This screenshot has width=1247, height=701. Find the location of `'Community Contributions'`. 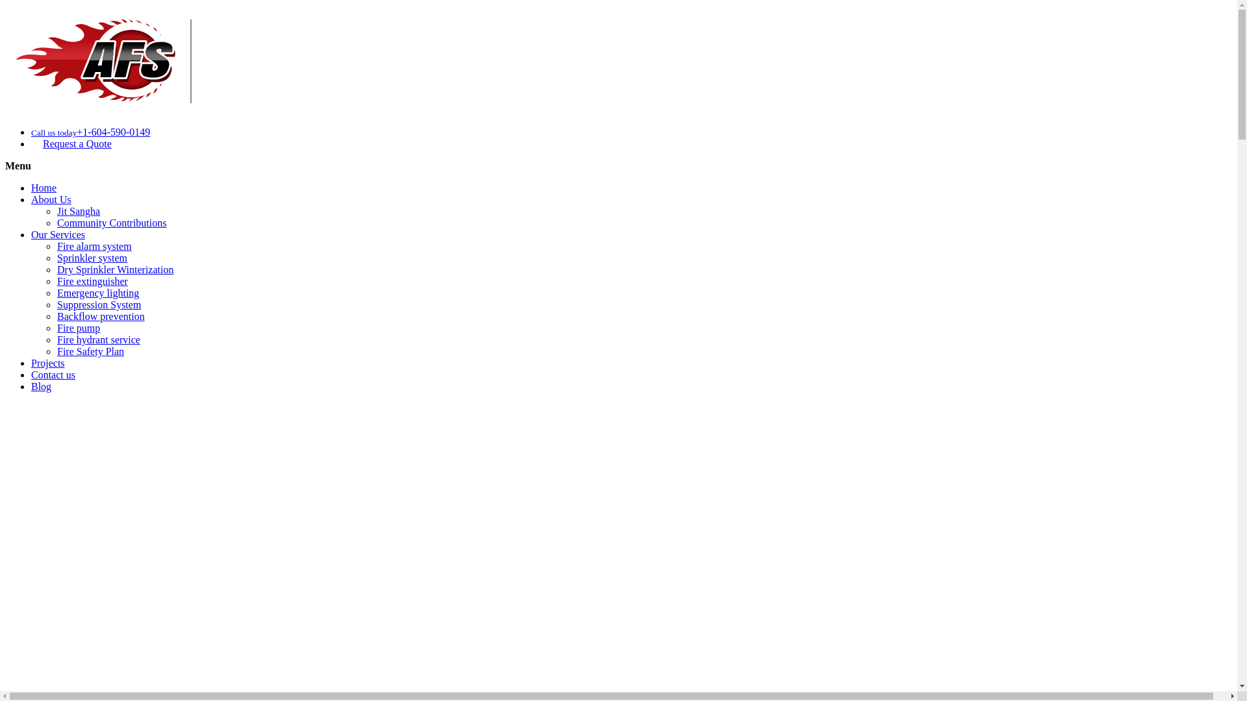

'Community Contributions' is located at coordinates (112, 222).